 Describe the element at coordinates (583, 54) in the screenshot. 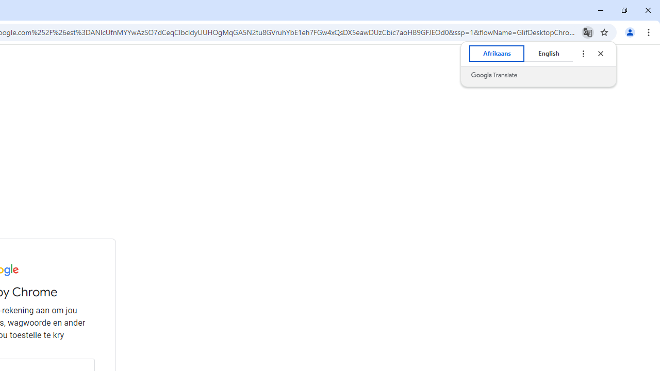

I see `'Translate options'` at that location.